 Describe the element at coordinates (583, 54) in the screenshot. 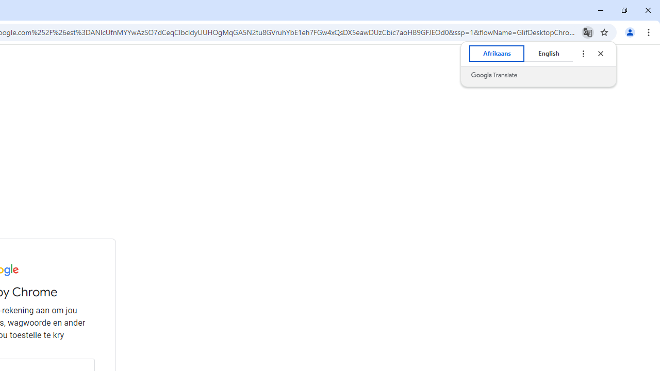

I see `'Translate options'` at that location.